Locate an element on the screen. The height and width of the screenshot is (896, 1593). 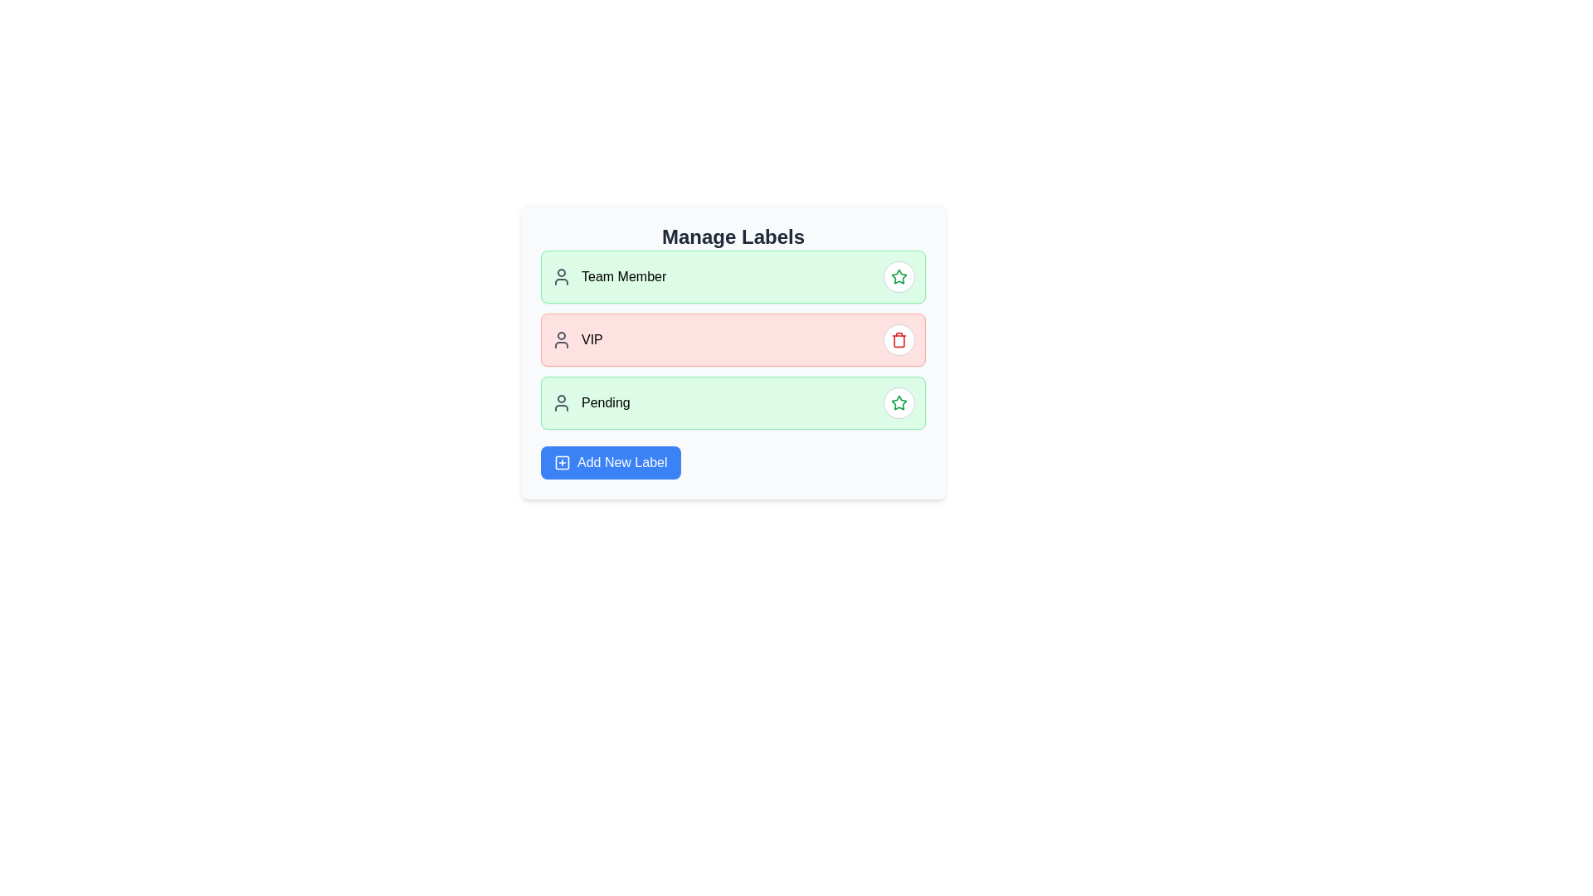
the 'VIP' label, which is a light red rectangular module in the middle of the stack under 'Manage Labels' is located at coordinates (732, 338).